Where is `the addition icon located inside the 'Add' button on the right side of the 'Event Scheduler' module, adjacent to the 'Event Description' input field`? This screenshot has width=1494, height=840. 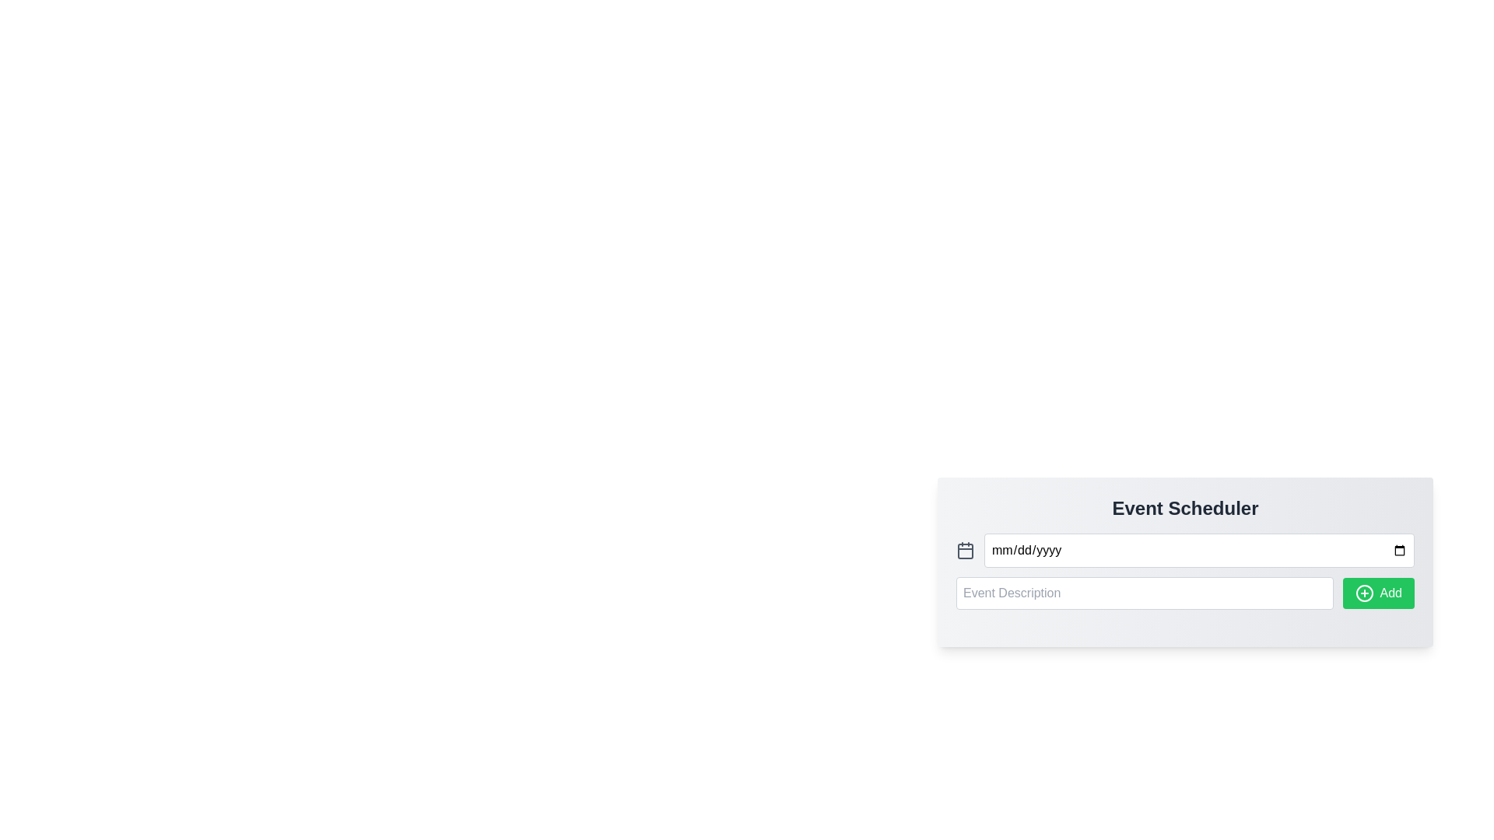
the addition icon located inside the 'Add' button on the right side of the 'Event Scheduler' module, adjacent to the 'Event Description' input field is located at coordinates (1363, 593).